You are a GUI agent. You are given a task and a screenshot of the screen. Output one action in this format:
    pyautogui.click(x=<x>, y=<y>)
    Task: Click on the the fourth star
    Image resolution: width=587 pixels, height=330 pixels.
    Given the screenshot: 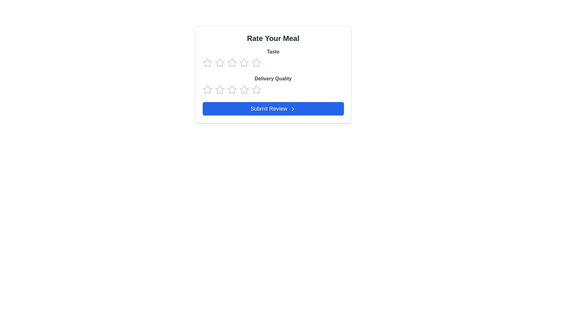 What is the action you would take?
    pyautogui.click(x=244, y=63)
    